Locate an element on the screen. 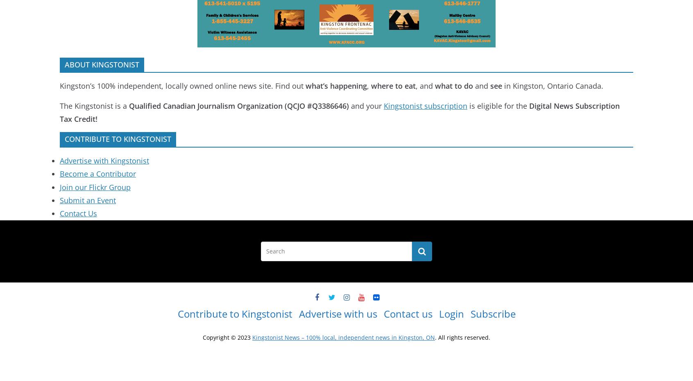 The height and width of the screenshot is (381, 693). 'The Kingstonist is a' is located at coordinates (94, 105).